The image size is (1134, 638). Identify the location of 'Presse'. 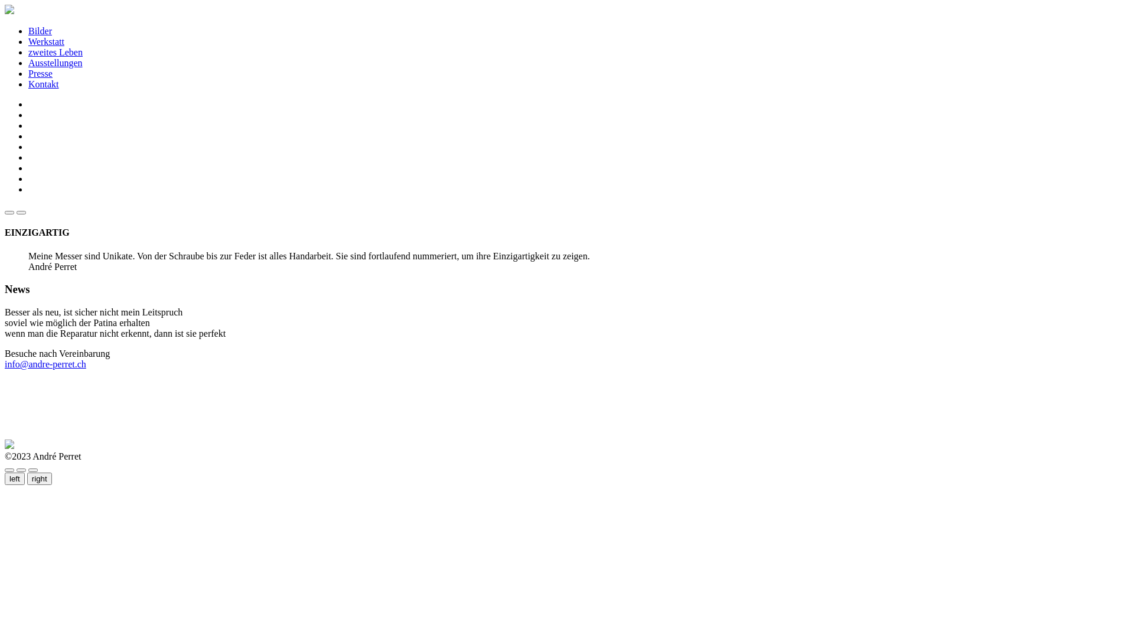
(40, 73).